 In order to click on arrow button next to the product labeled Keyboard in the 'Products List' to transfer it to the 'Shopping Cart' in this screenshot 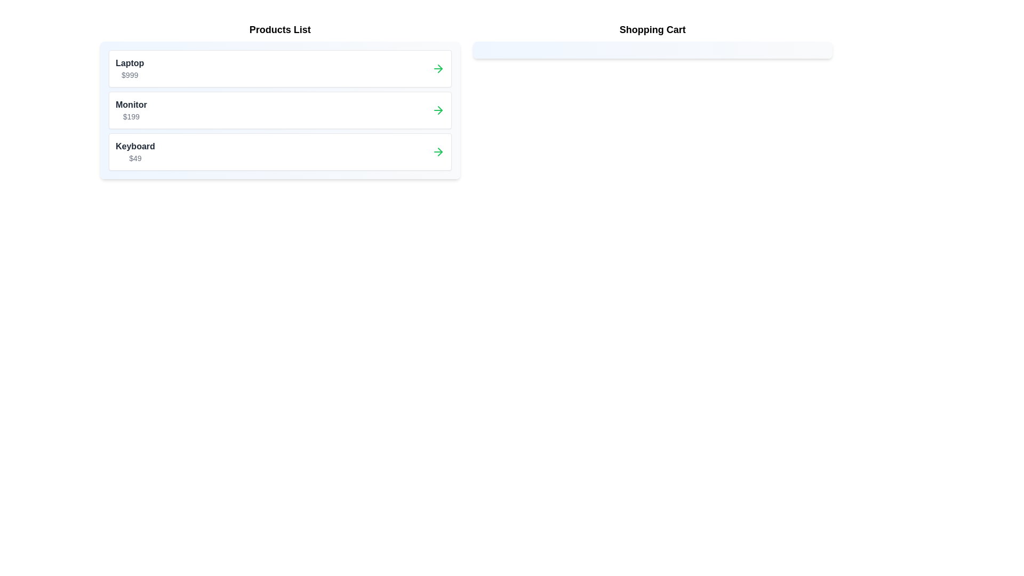, I will do `click(438, 152)`.